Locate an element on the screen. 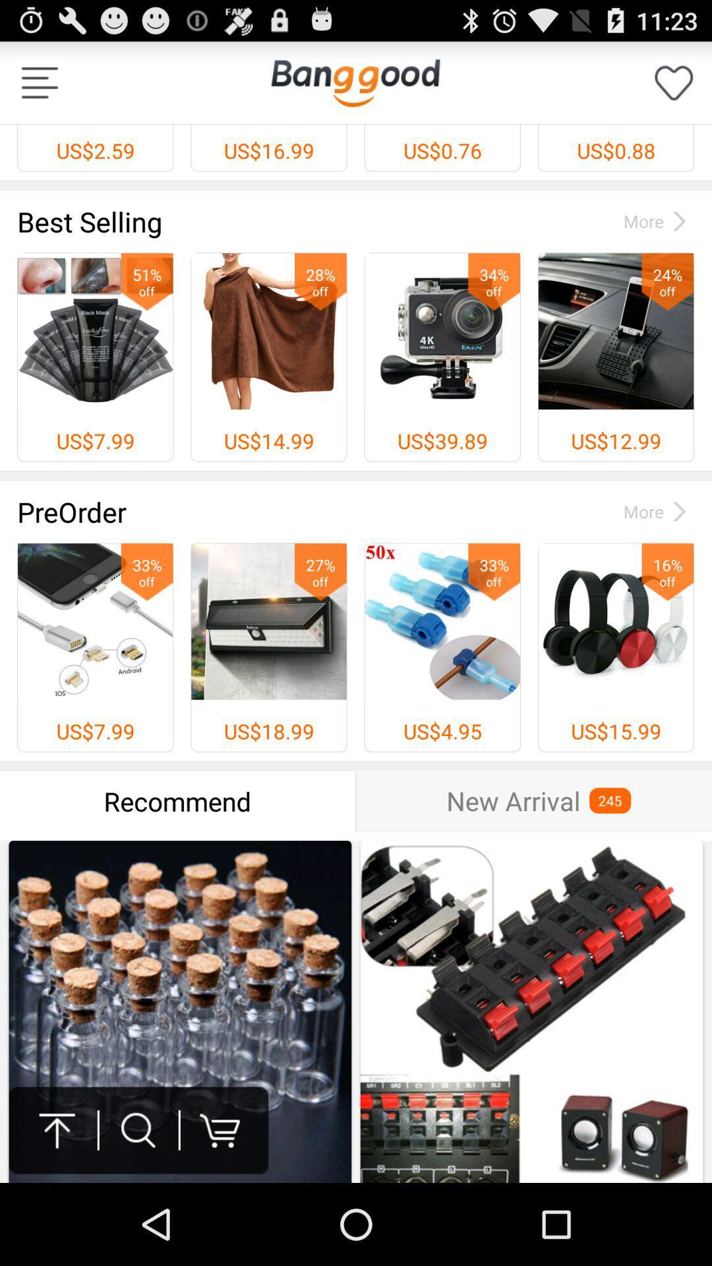  like this page is located at coordinates (674, 82).